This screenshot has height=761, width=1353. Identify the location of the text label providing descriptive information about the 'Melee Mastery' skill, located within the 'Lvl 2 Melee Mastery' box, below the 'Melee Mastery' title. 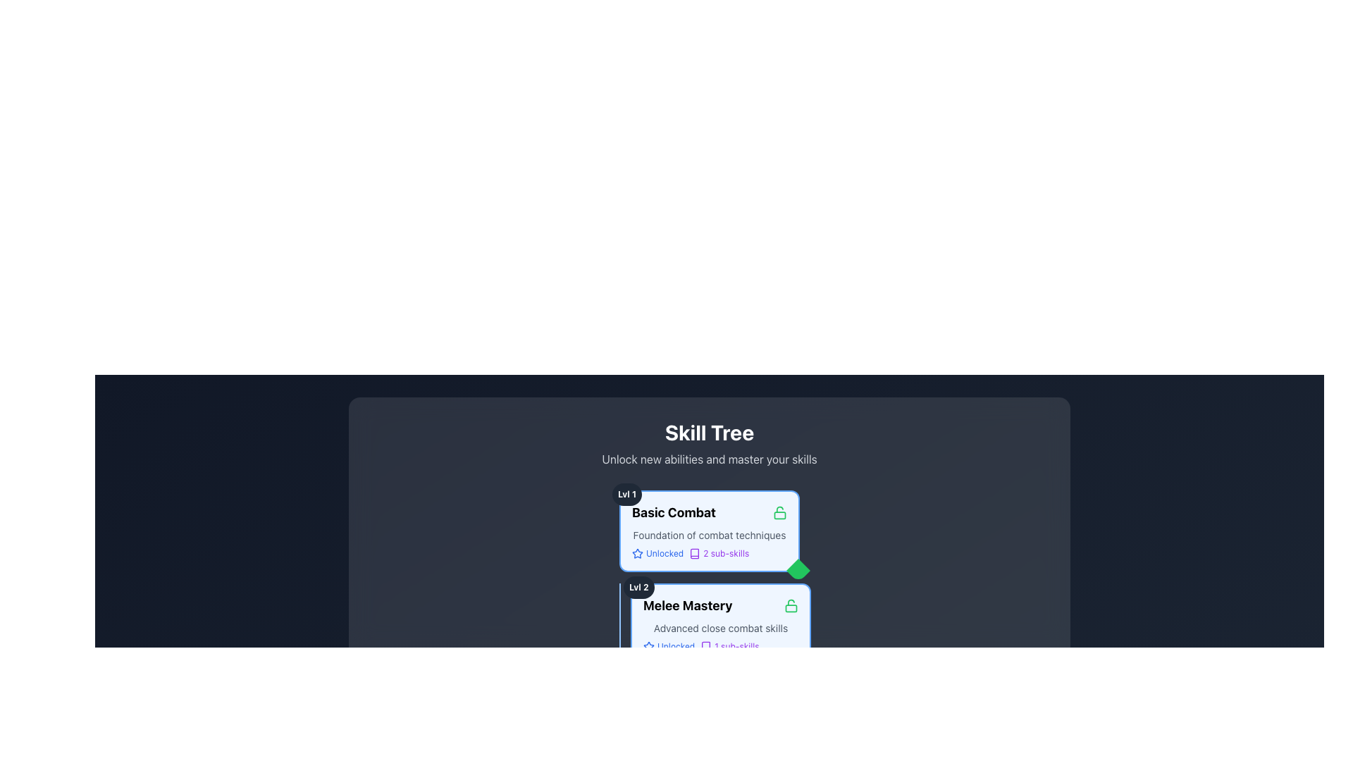
(720, 627).